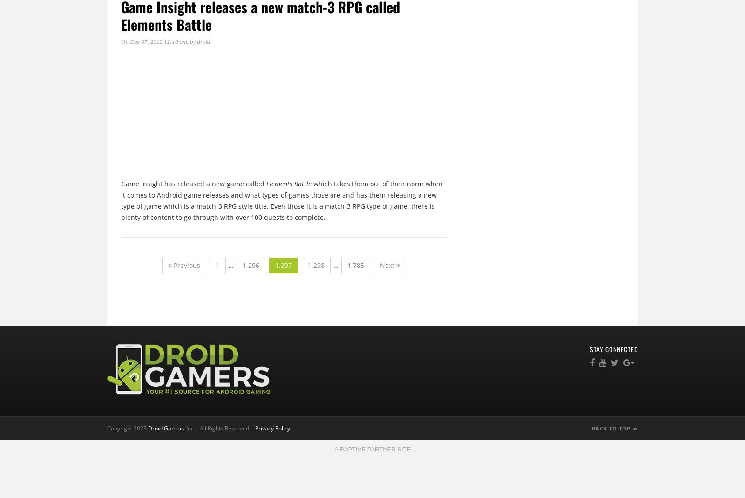  Describe the element at coordinates (128, 427) in the screenshot. I see `'Copyright 2023'` at that location.